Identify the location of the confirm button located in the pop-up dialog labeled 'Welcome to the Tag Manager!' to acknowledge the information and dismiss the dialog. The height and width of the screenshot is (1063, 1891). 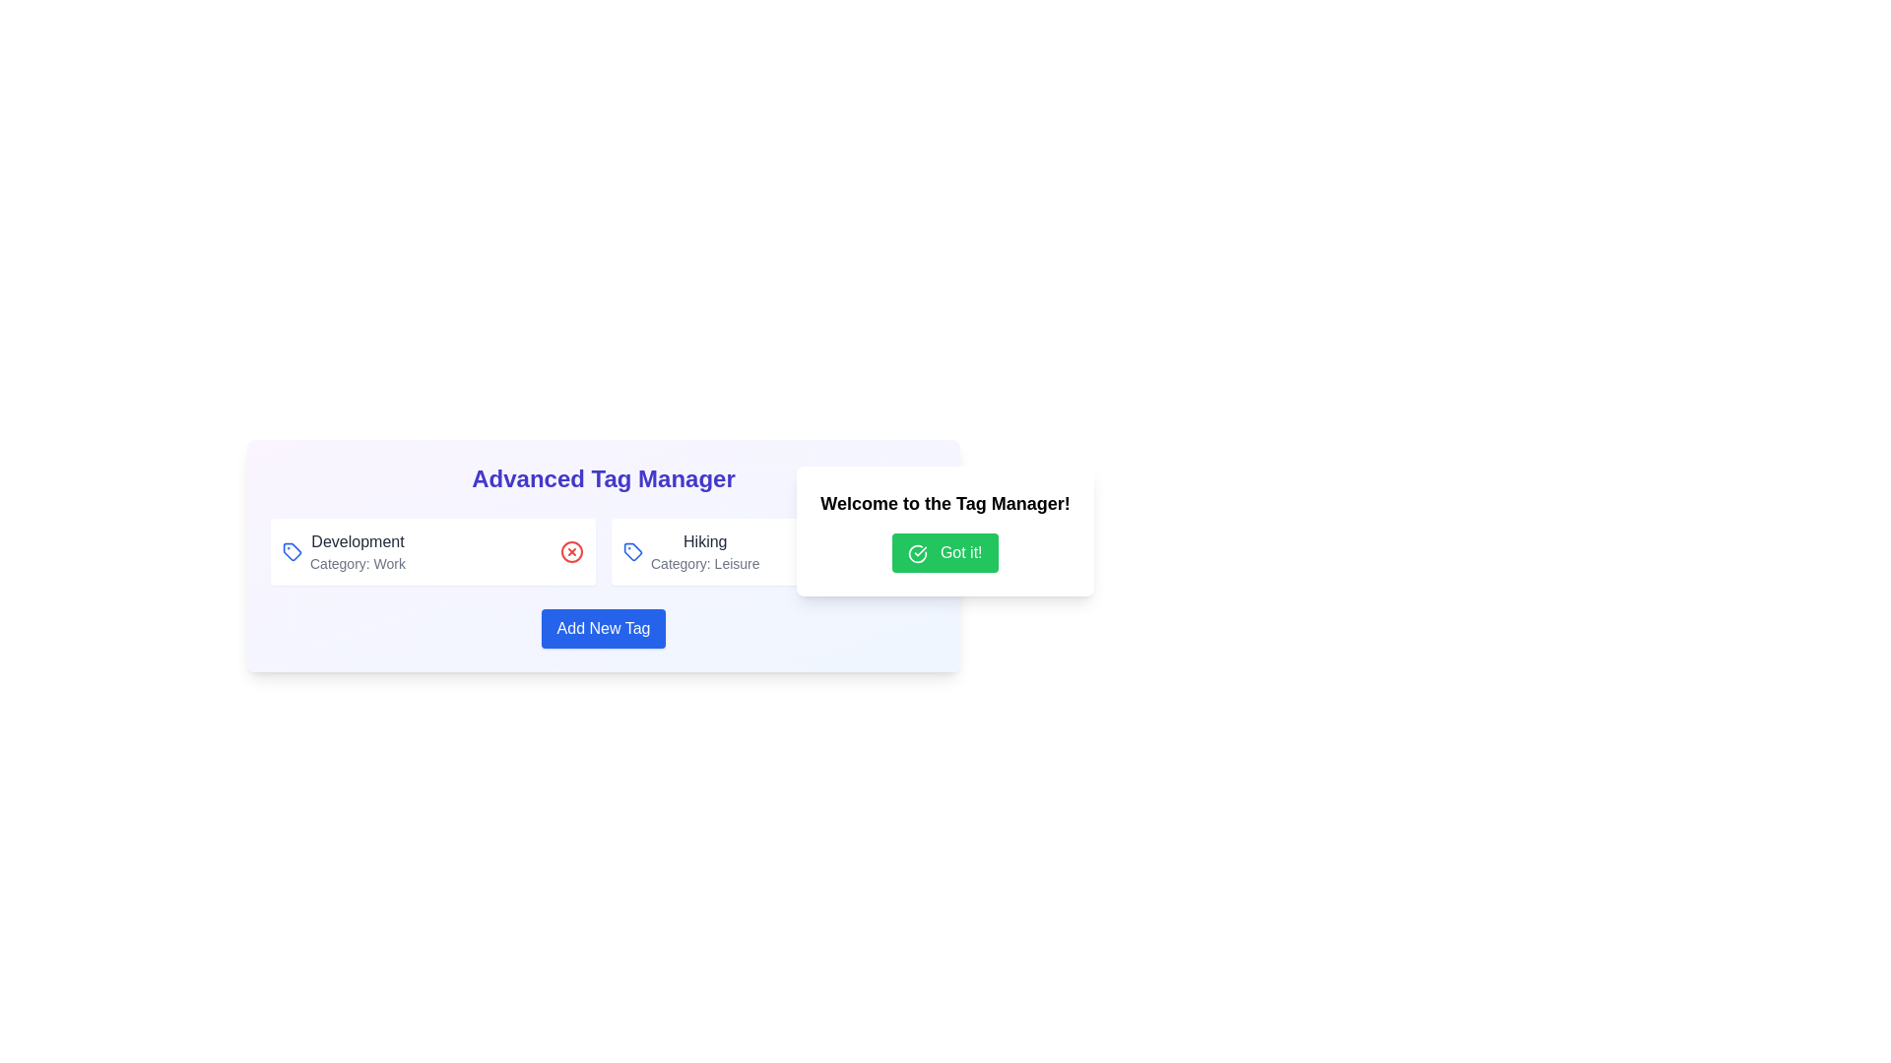
(945, 553).